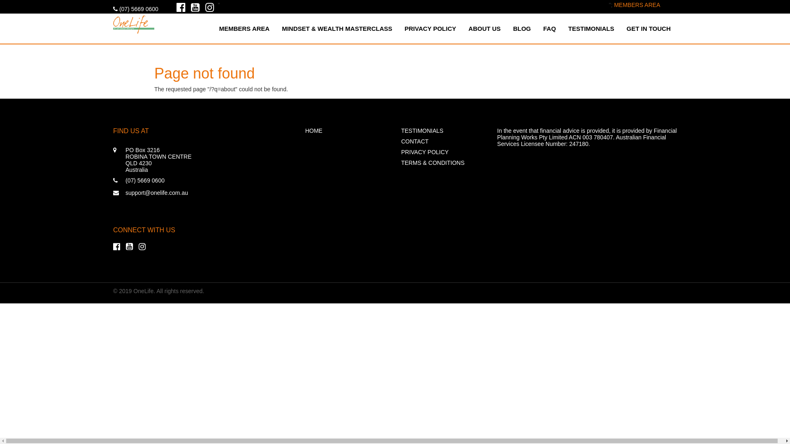 The width and height of the screenshot is (790, 444). What do you see at coordinates (398, 28) in the screenshot?
I see `'PRIVACY POLICY'` at bounding box center [398, 28].